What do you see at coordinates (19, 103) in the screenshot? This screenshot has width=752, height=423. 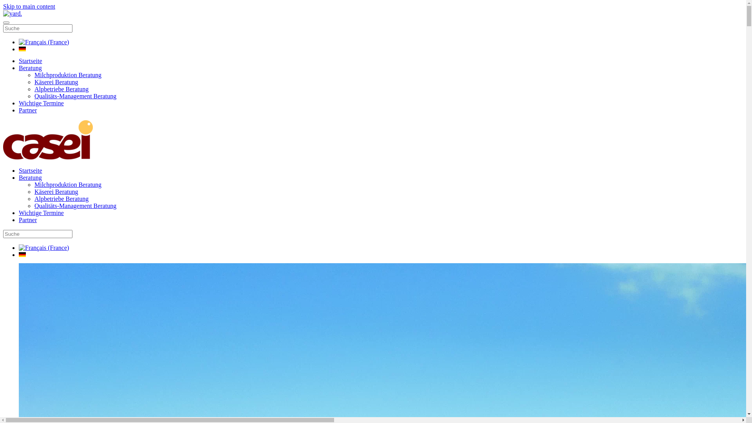 I see `'Wichtige Termine'` at bounding box center [19, 103].